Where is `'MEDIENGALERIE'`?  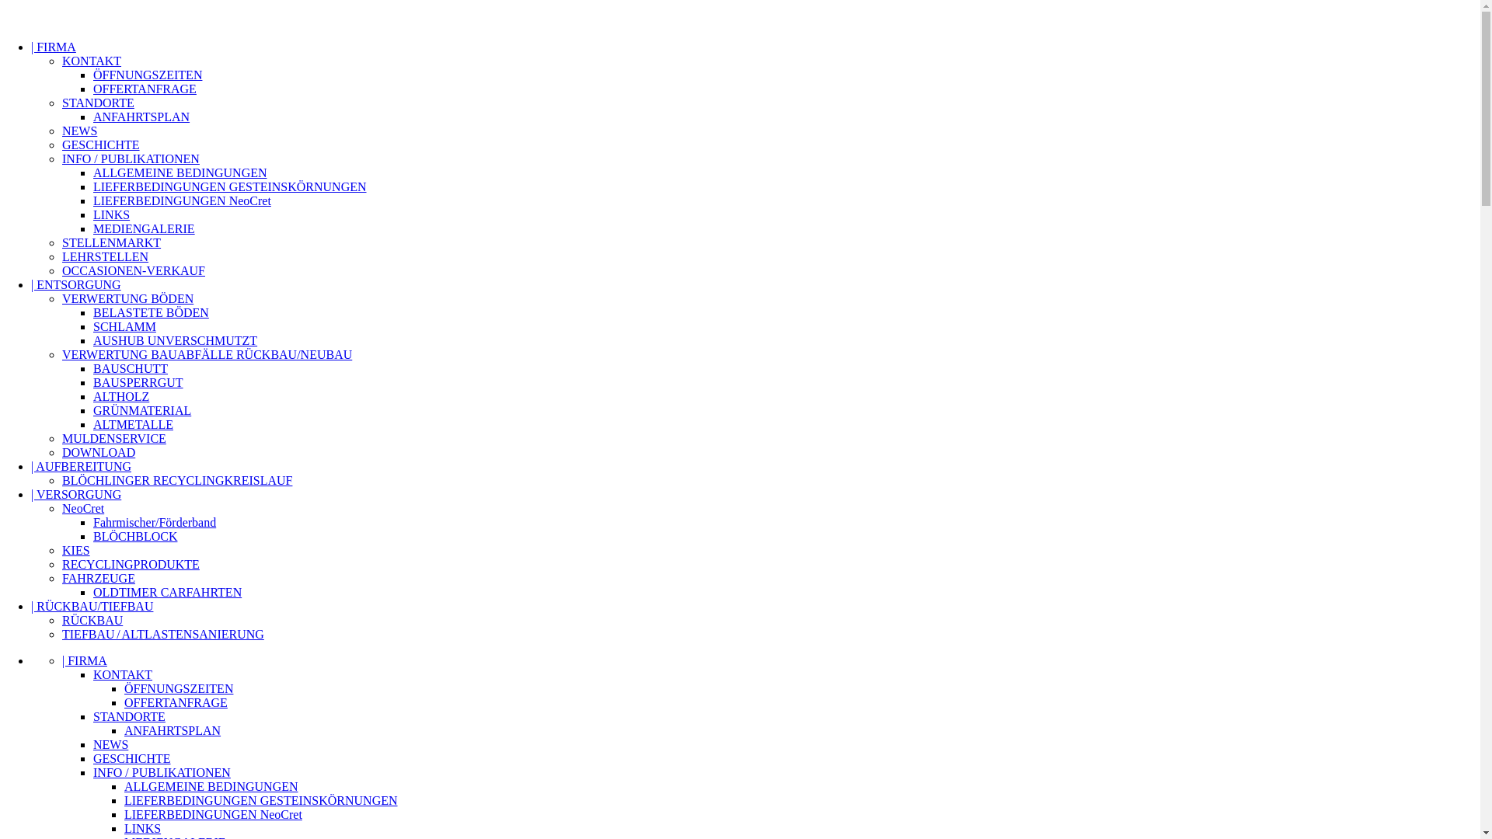
'MEDIENGALERIE' is located at coordinates (92, 228).